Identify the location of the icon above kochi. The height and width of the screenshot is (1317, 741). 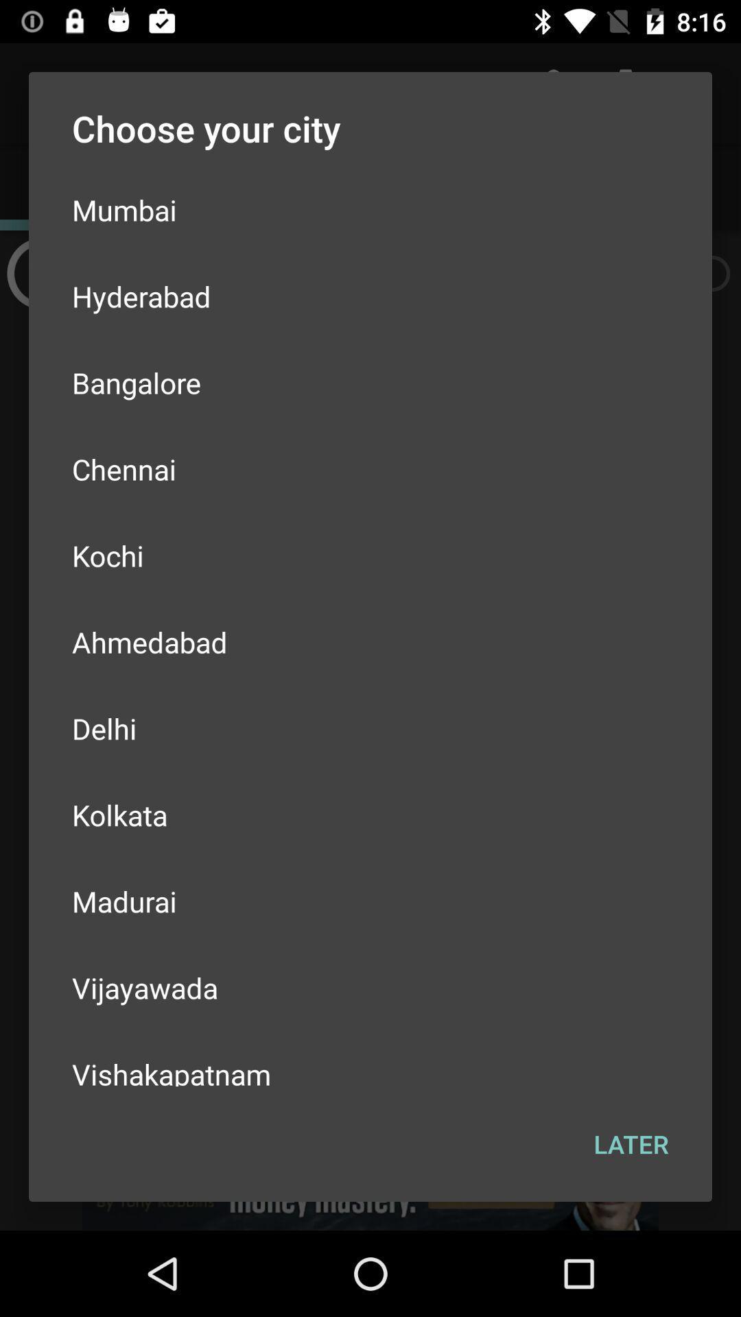
(370, 469).